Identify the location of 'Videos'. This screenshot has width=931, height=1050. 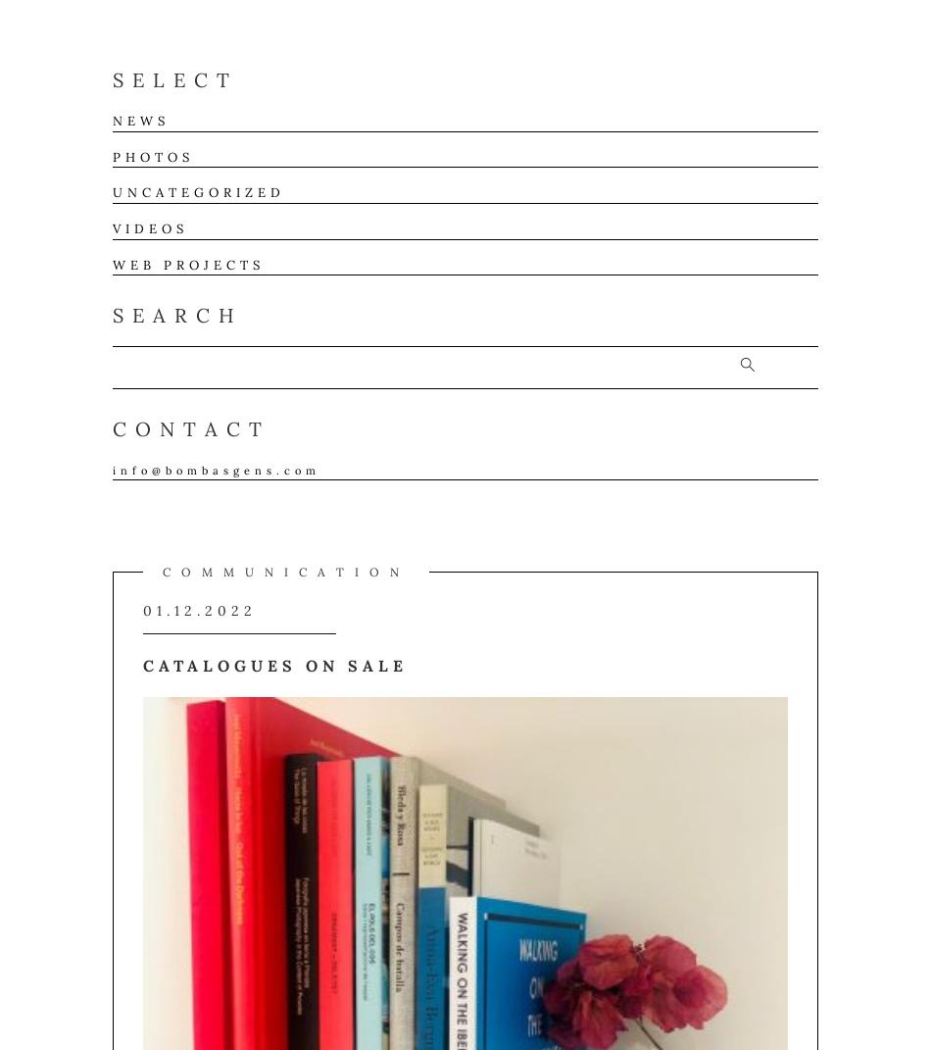
(150, 227).